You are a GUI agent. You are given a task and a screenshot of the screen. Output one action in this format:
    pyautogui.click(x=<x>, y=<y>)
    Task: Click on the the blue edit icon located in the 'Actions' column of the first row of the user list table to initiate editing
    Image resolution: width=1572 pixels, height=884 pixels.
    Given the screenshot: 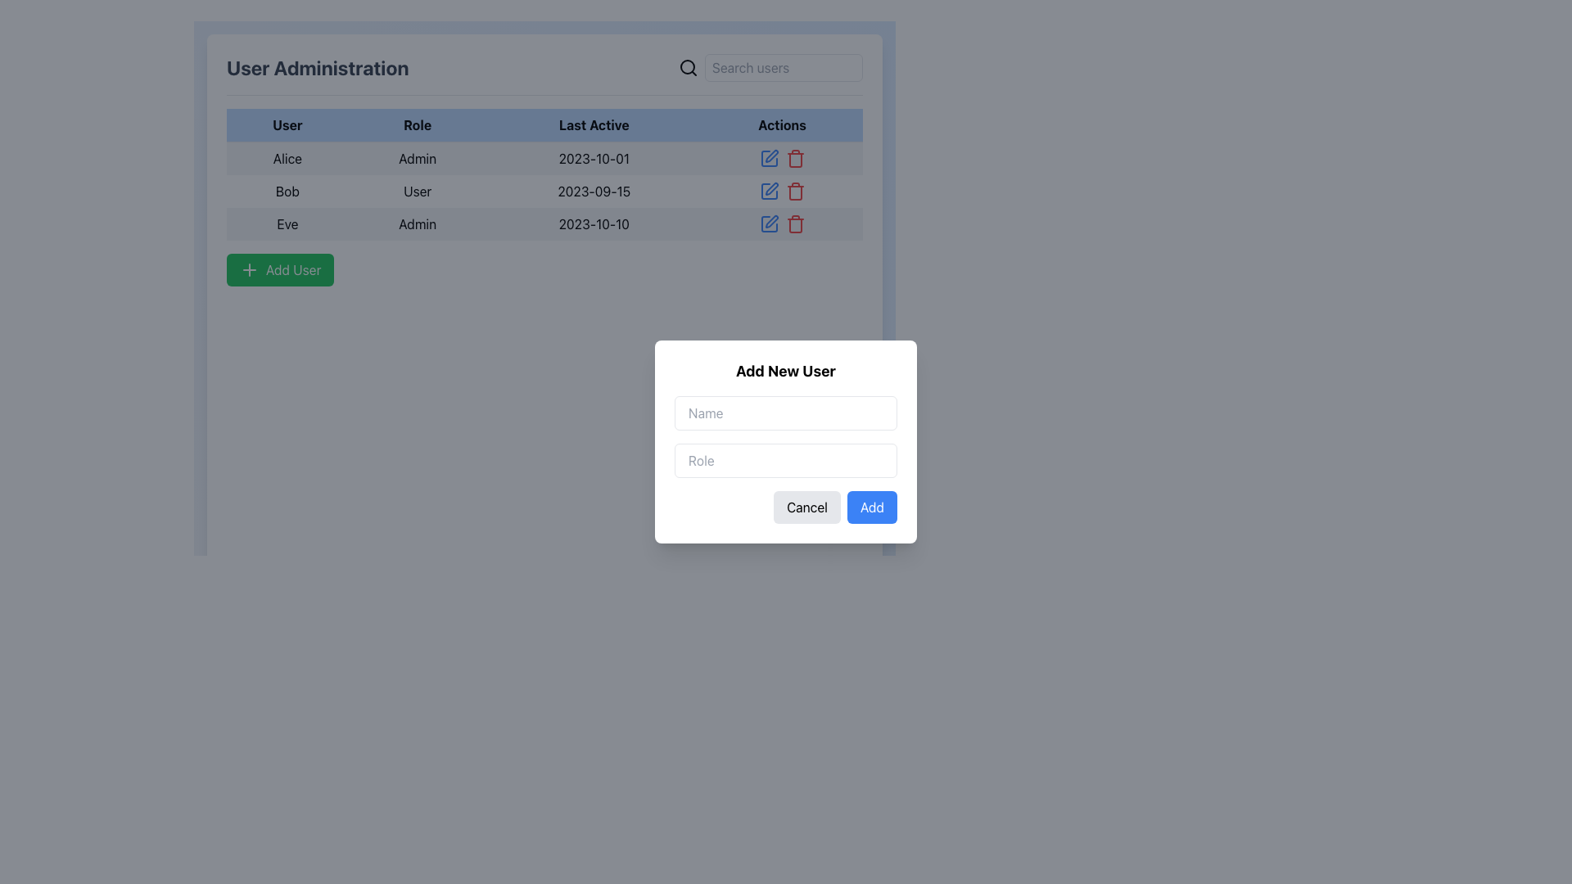 What is the action you would take?
    pyautogui.click(x=781, y=158)
    